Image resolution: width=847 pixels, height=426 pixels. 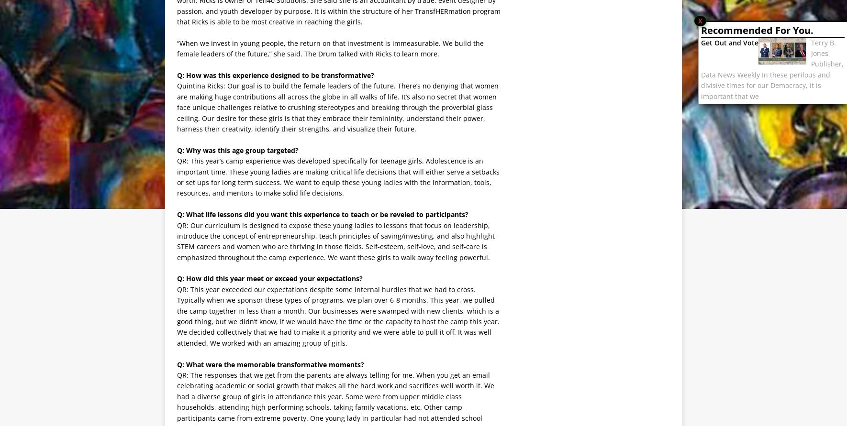 What do you see at coordinates (772, 68) in the screenshot?
I see `'Terry B. Jones Publisher, Data News Weekly

In these perilous and divisive times for our Democracy, it is important that we'` at bounding box center [772, 68].